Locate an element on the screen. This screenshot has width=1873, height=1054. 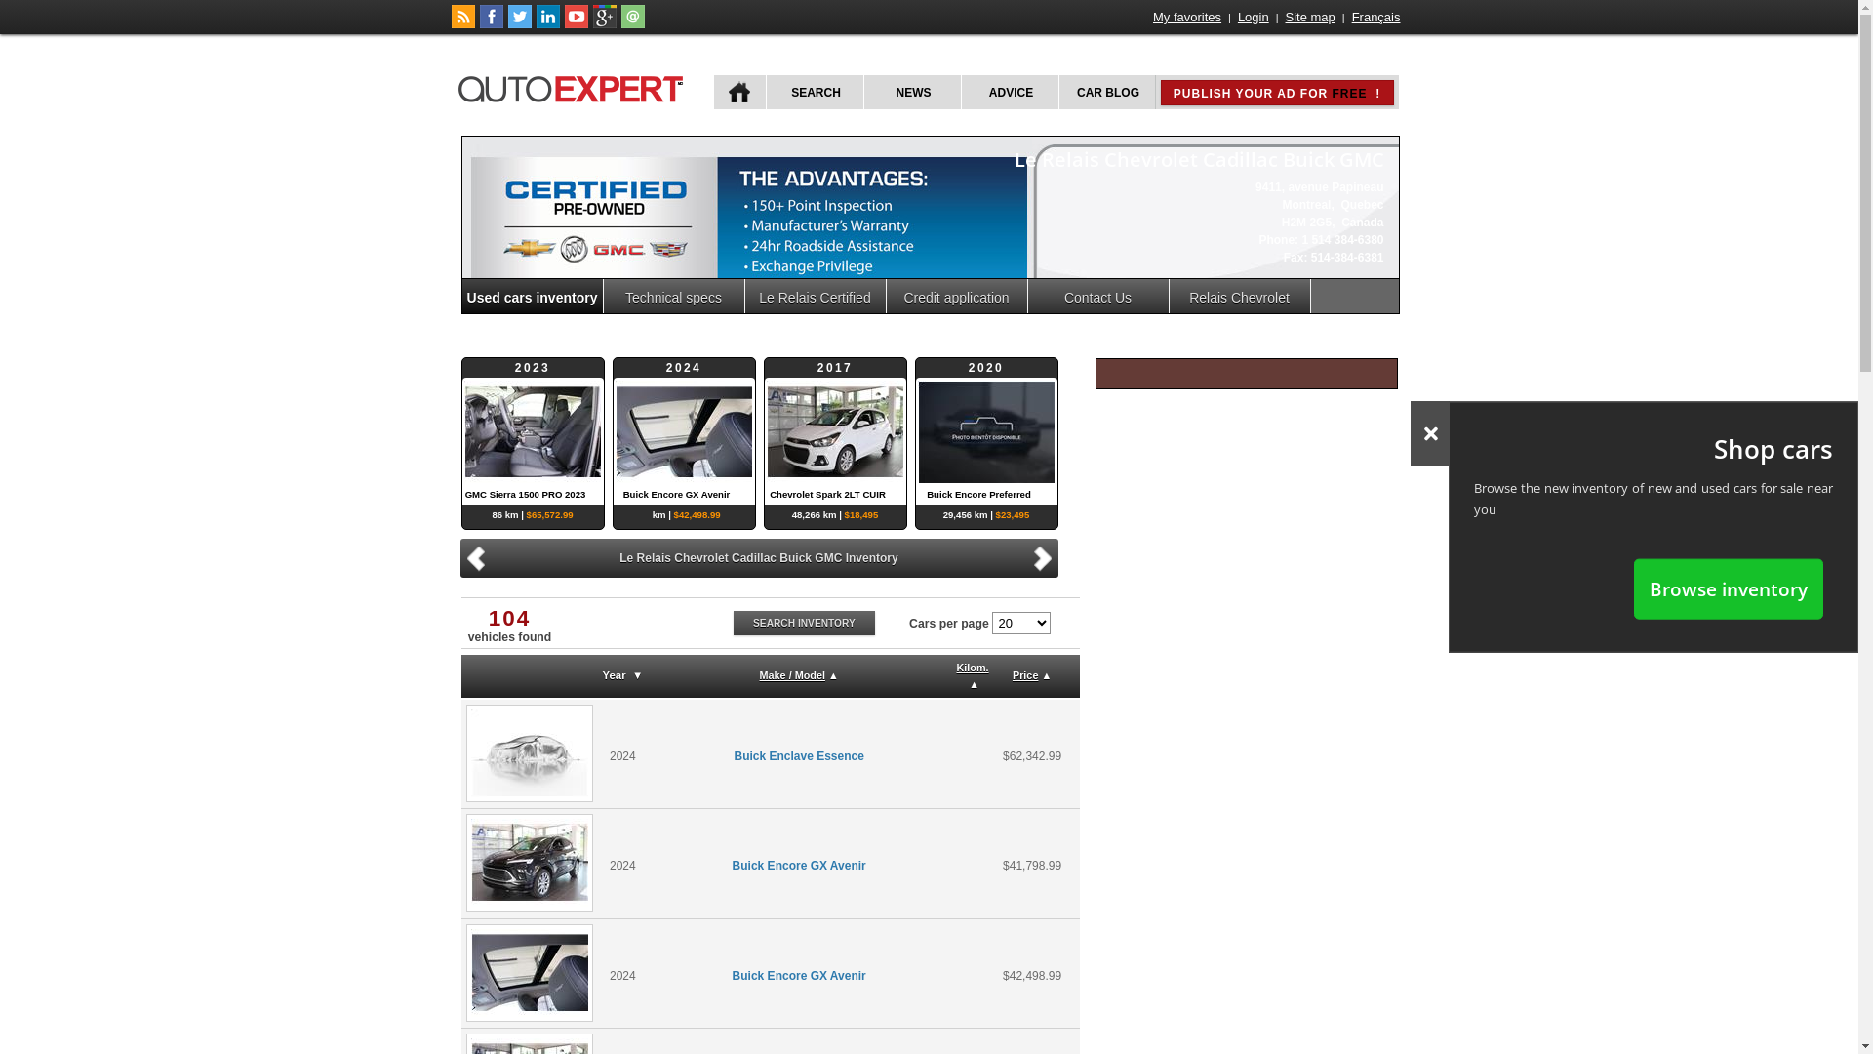
'ADVICE' is located at coordinates (1008, 92).